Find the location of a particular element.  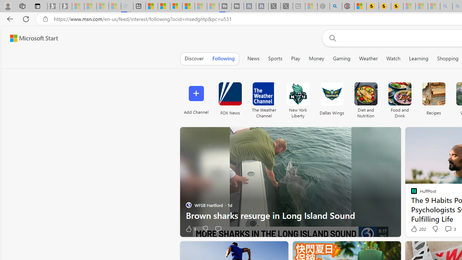

'X - Sleeping' is located at coordinates (286, 6).